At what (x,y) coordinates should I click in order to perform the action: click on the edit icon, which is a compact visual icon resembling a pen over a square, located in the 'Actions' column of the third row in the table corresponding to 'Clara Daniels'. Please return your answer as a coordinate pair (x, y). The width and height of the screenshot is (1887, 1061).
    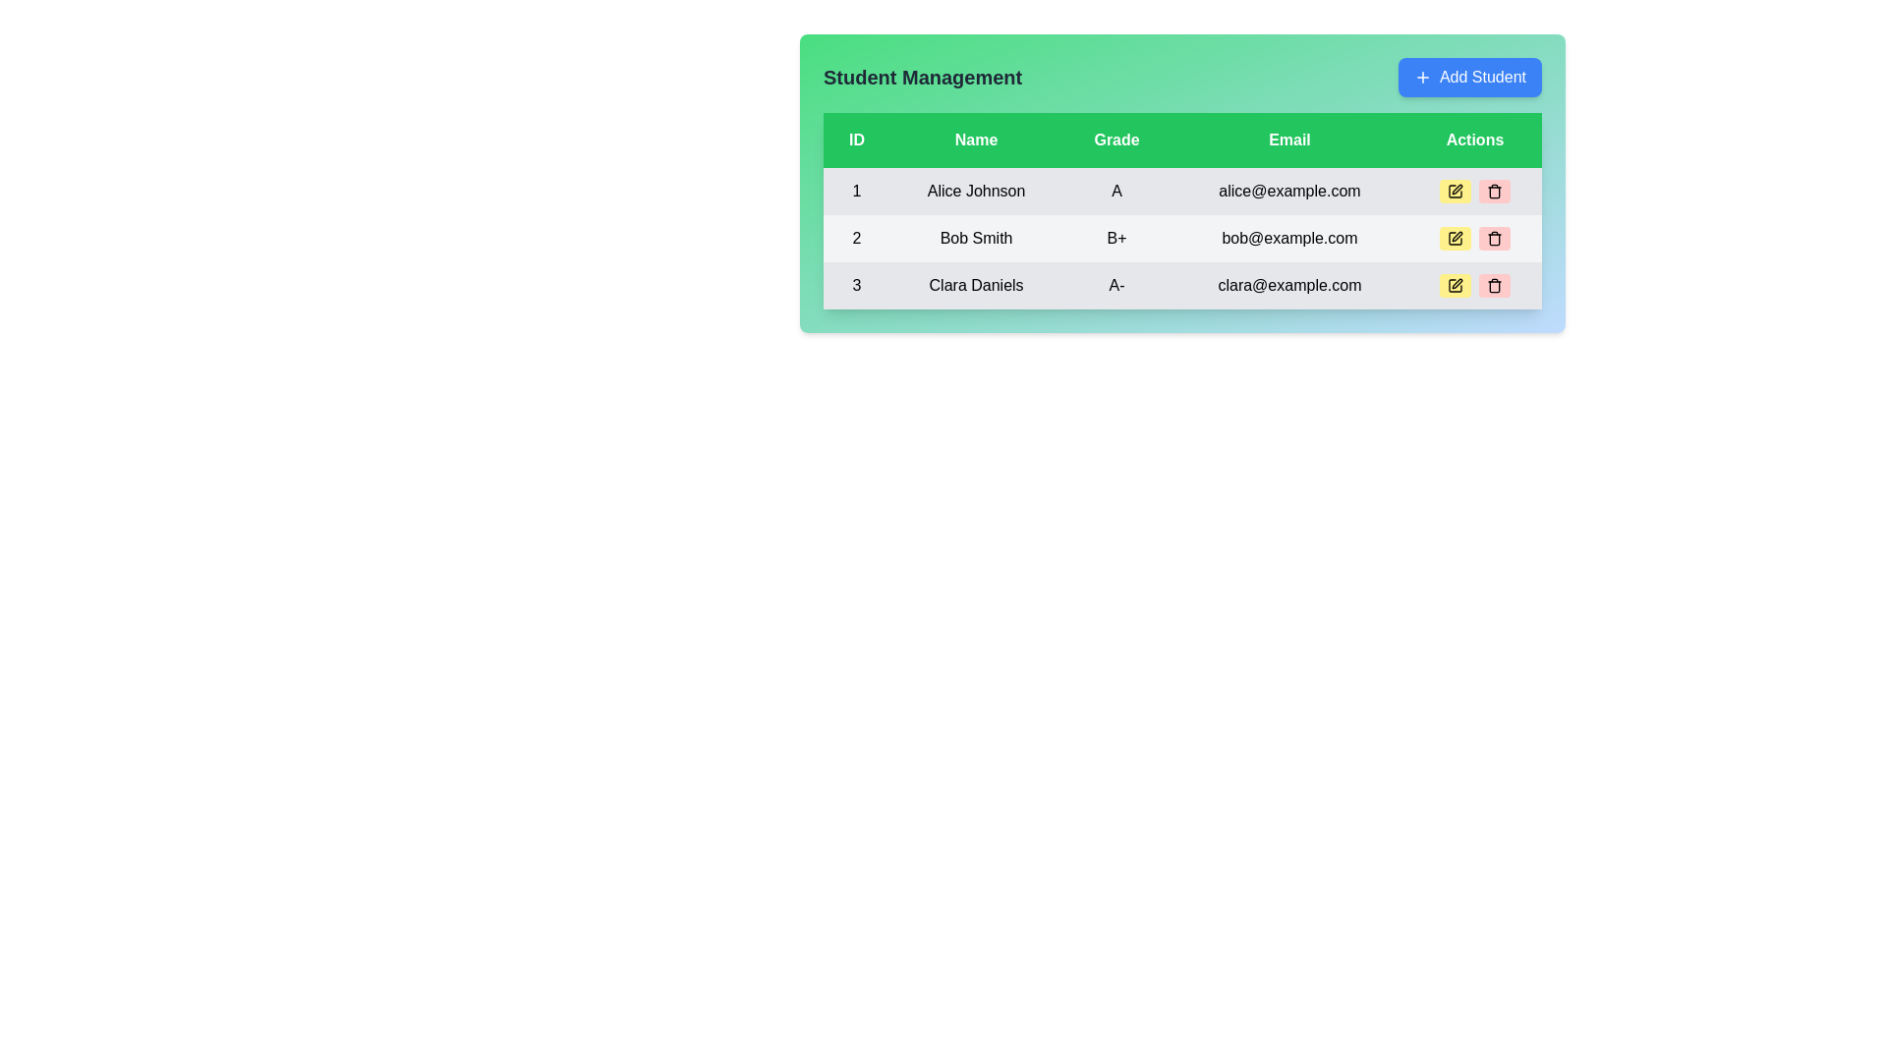
    Looking at the image, I should click on (1458, 284).